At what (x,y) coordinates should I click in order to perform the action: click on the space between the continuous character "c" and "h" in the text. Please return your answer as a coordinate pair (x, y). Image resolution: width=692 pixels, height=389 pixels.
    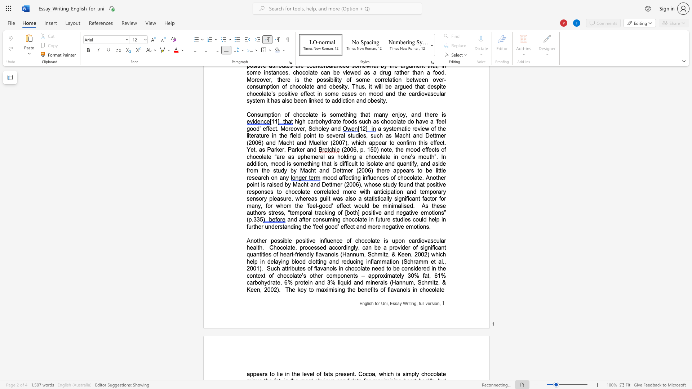
    Looking at the image, I should click on (358, 241).